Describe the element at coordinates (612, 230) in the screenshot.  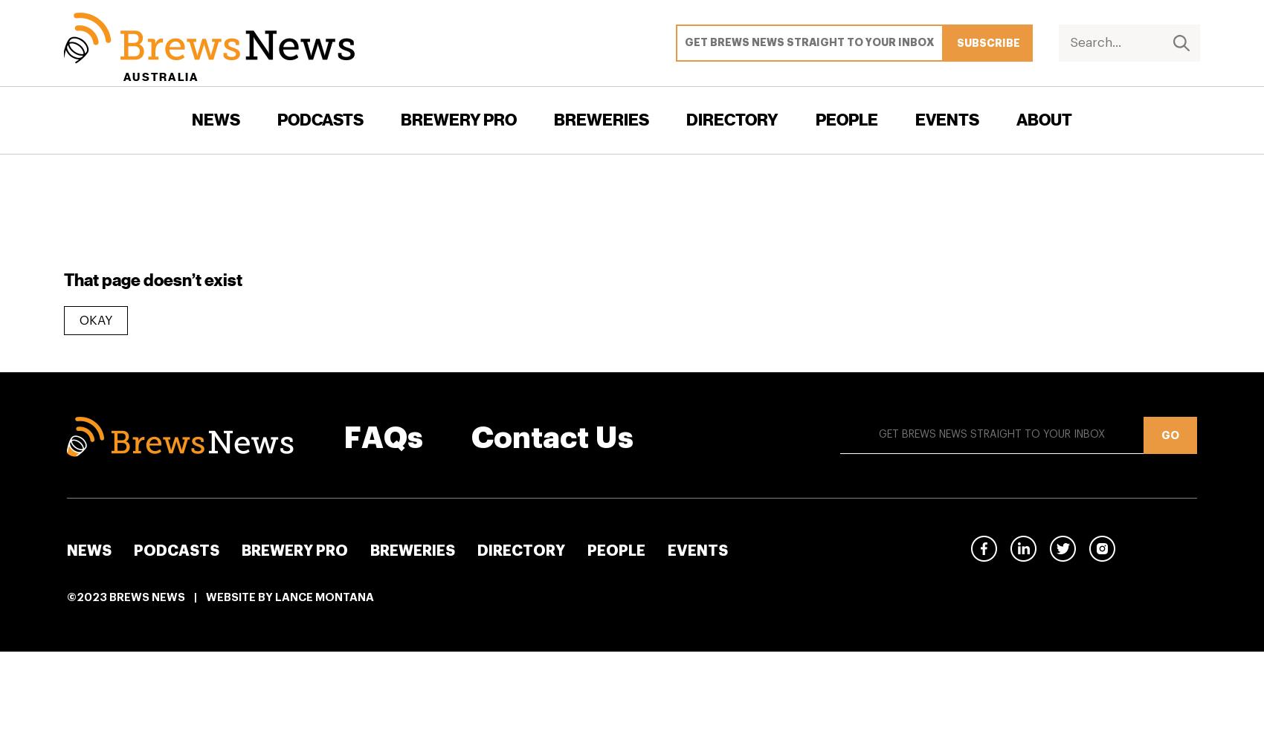
I see `'Brewery Openings'` at that location.